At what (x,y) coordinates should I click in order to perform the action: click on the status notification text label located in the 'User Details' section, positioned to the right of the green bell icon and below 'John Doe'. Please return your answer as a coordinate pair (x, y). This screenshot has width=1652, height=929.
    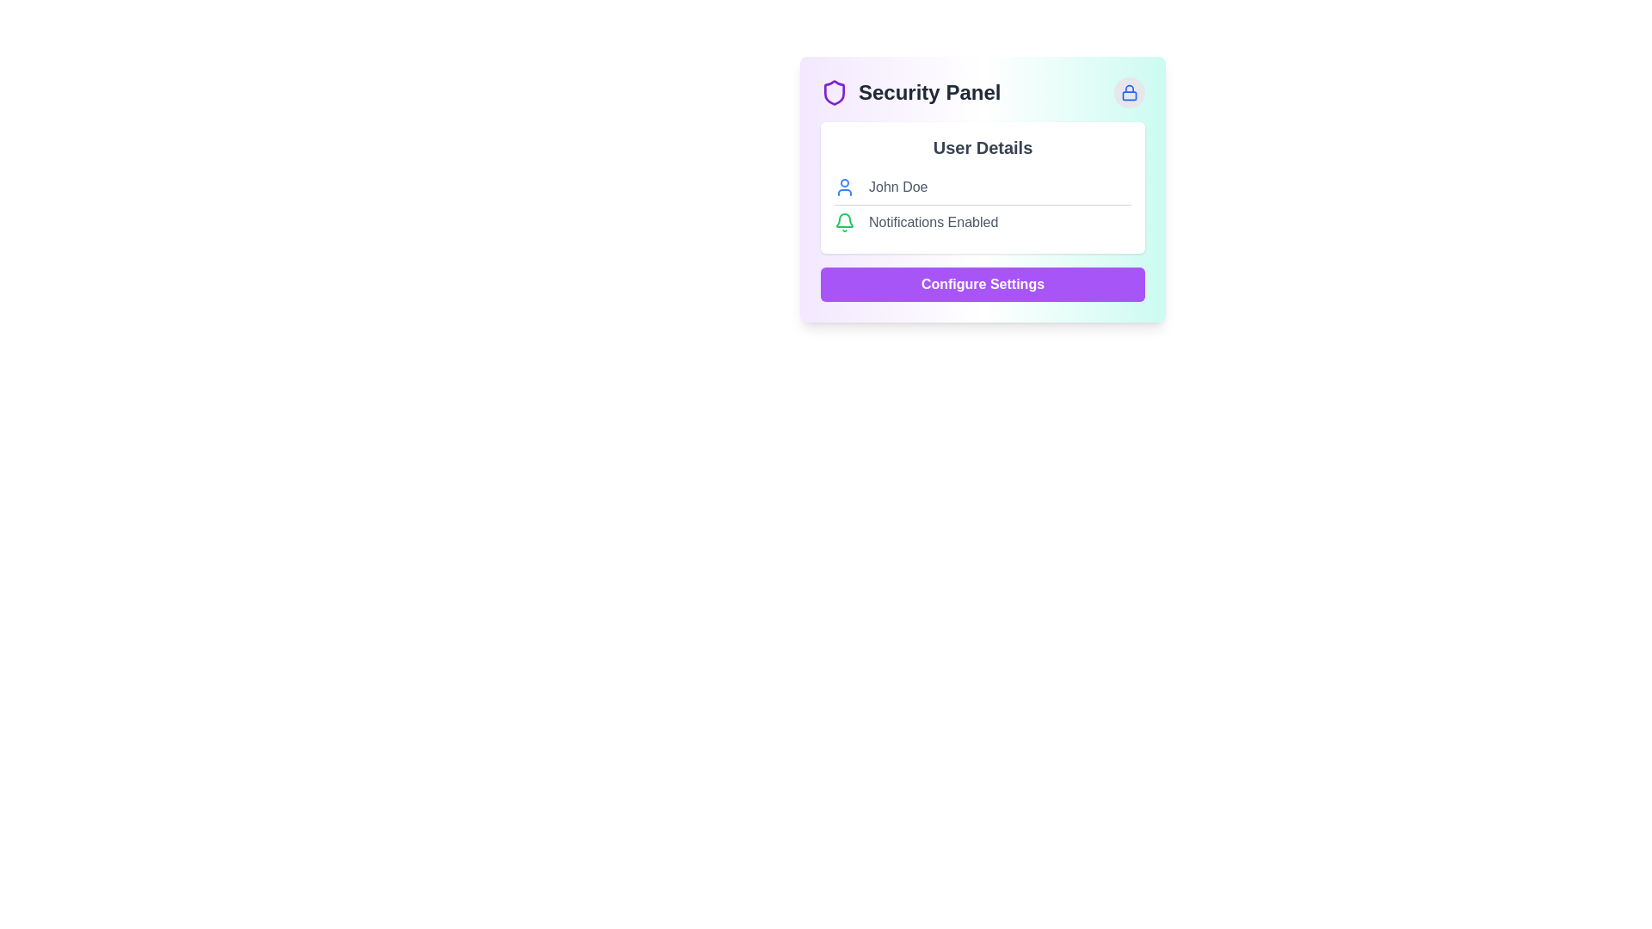
    Looking at the image, I should click on (933, 221).